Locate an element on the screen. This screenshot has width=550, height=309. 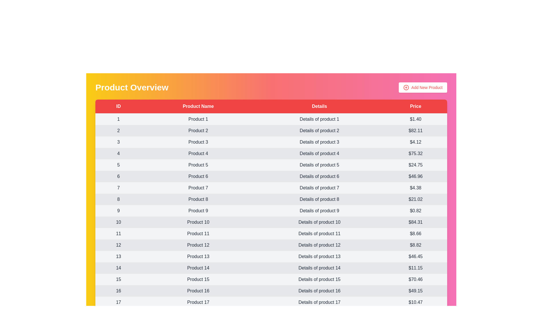
the 'Add New Product' button is located at coordinates (423, 87).